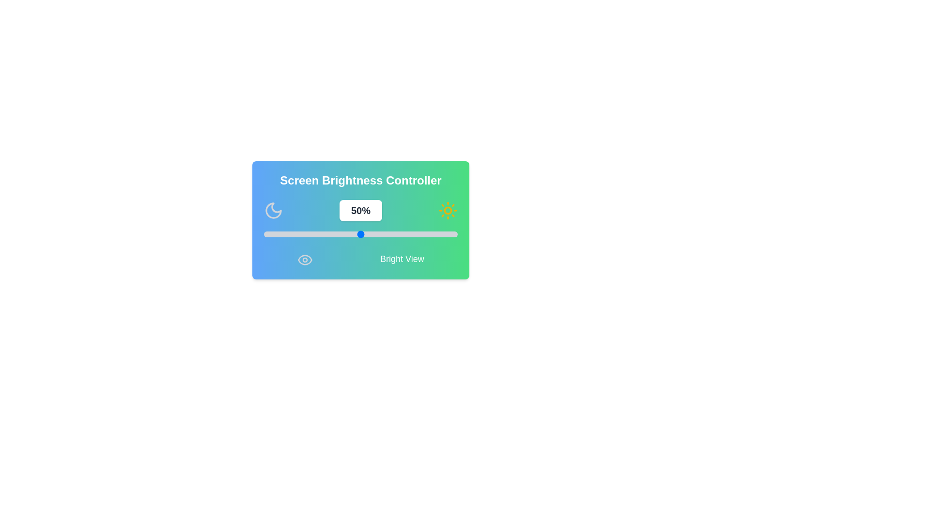 The image size is (930, 523). Describe the element at coordinates (425, 234) in the screenshot. I see `the brightness level to 83% using the slider` at that location.